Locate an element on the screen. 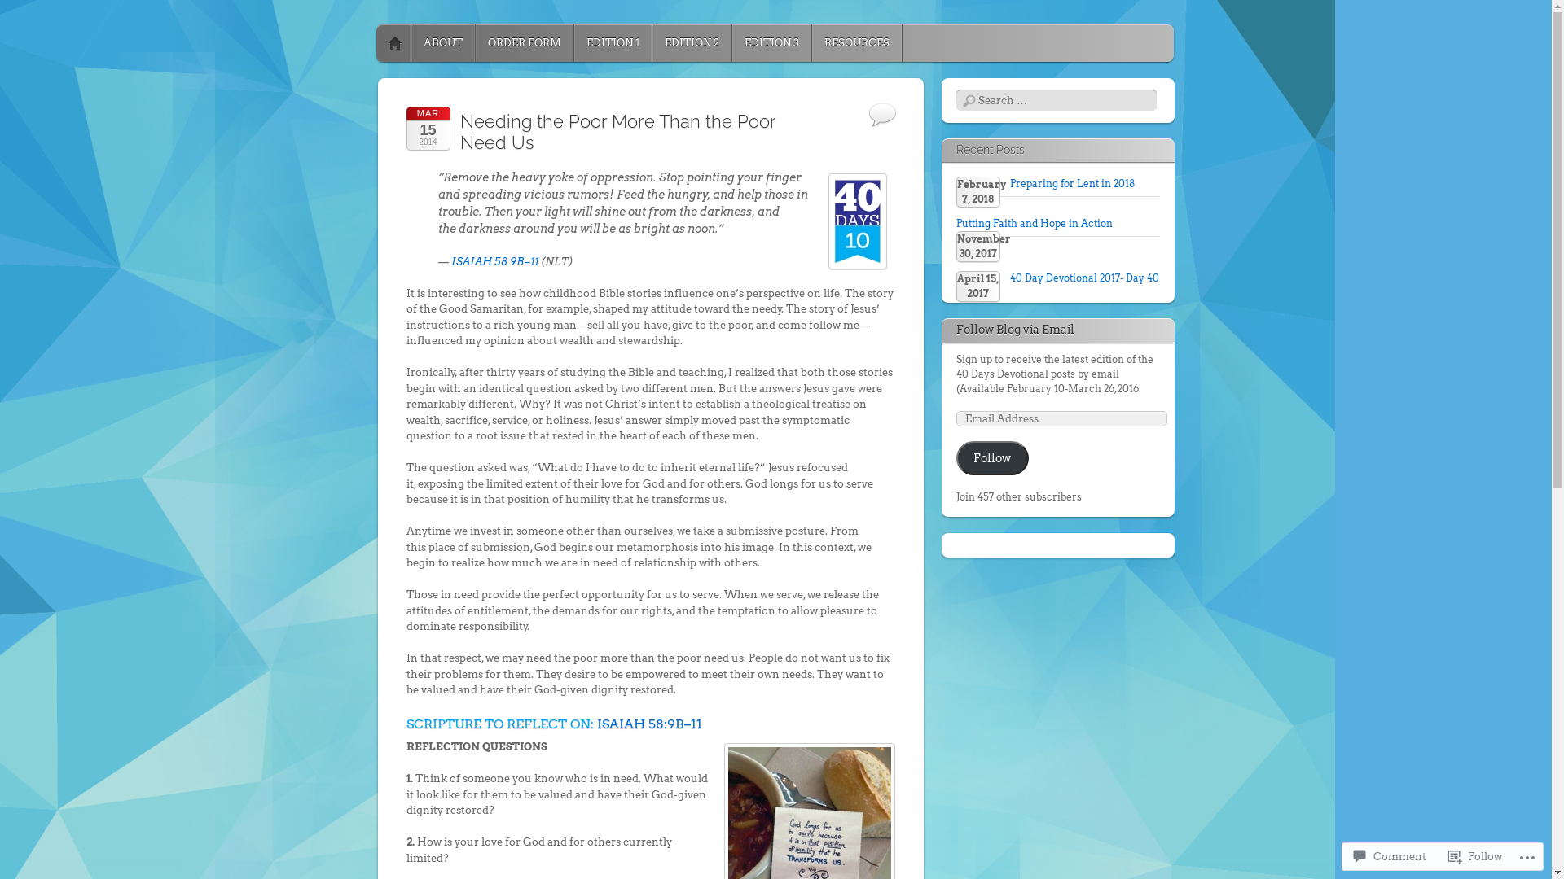 The height and width of the screenshot is (879, 1564). 'Preparing for Lent in 2018' is located at coordinates (1072, 183).